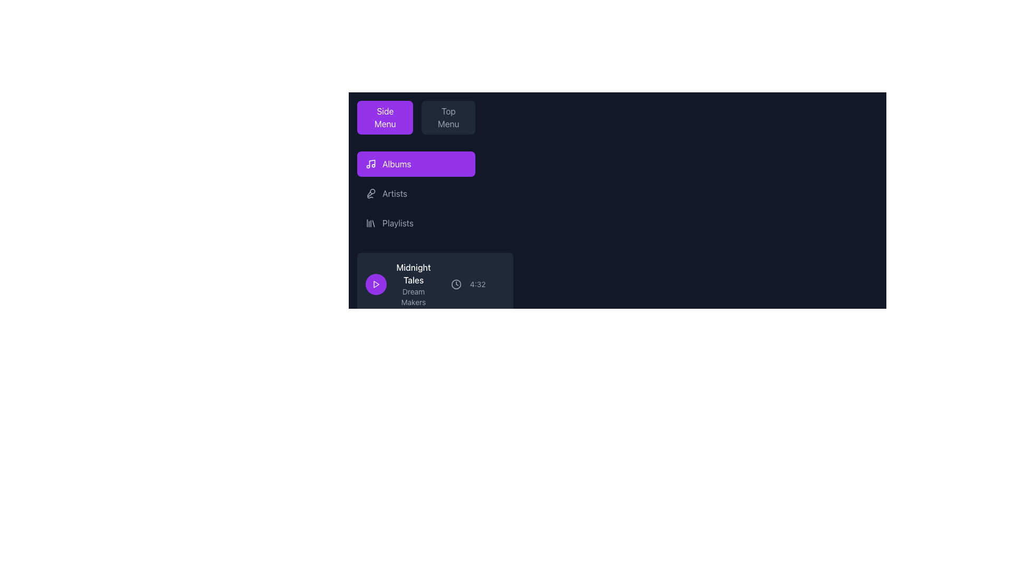 The height and width of the screenshot is (570, 1013). What do you see at coordinates (396, 164) in the screenshot?
I see `the 'Albums' text label within the purple button-like component` at bounding box center [396, 164].